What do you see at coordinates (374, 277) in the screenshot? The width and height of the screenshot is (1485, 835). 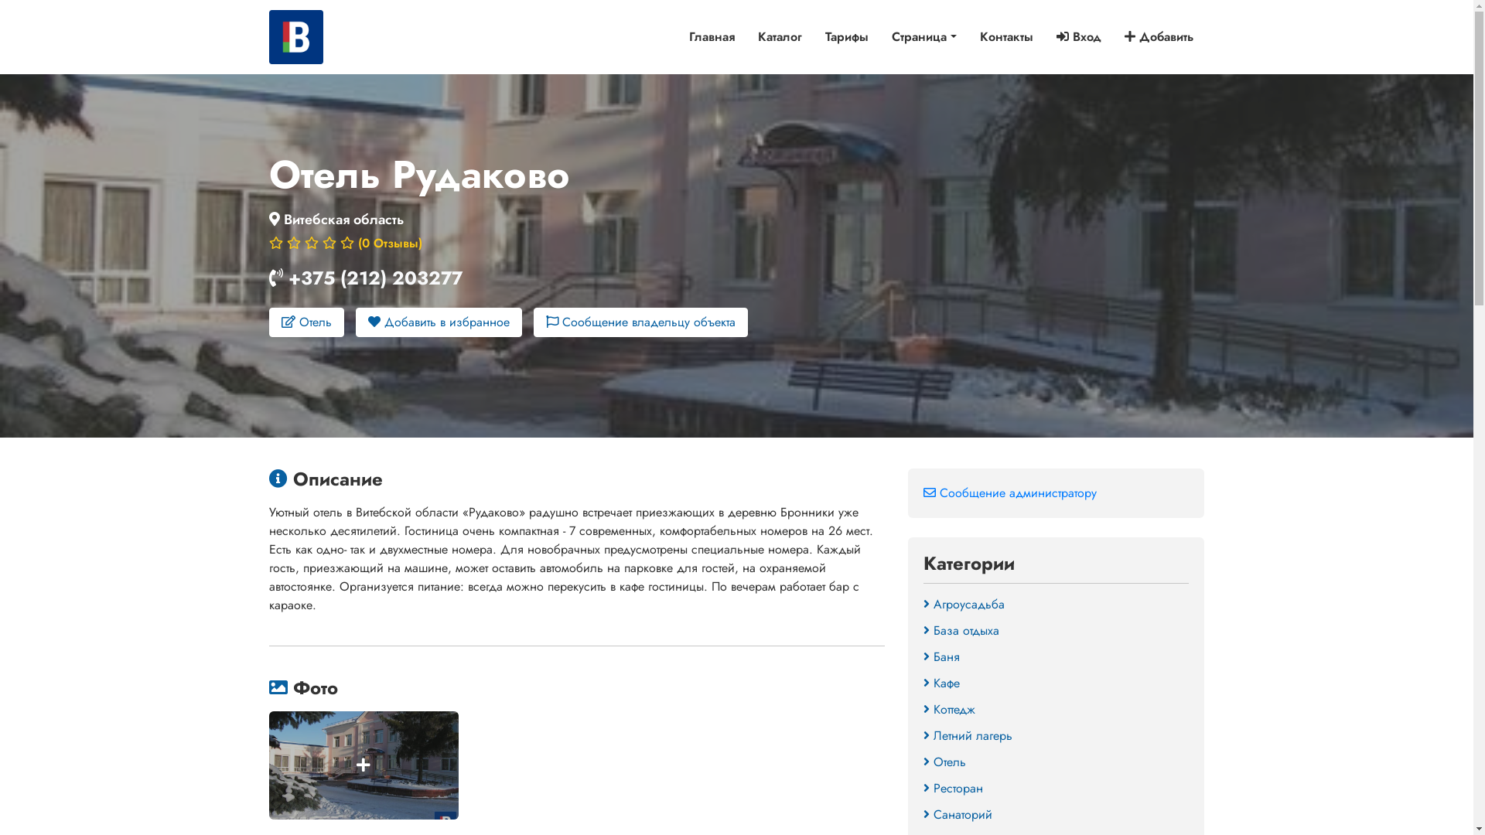 I see `'+375 (212) 203277'` at bounding box center [374, 277].